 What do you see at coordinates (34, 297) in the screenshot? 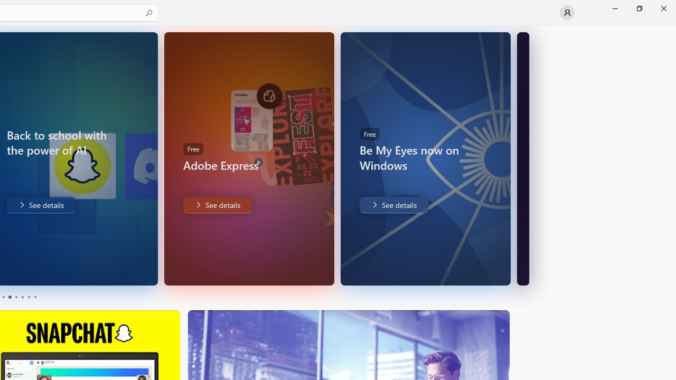
I see `'Page 6'` at bounding box center [34, 297].